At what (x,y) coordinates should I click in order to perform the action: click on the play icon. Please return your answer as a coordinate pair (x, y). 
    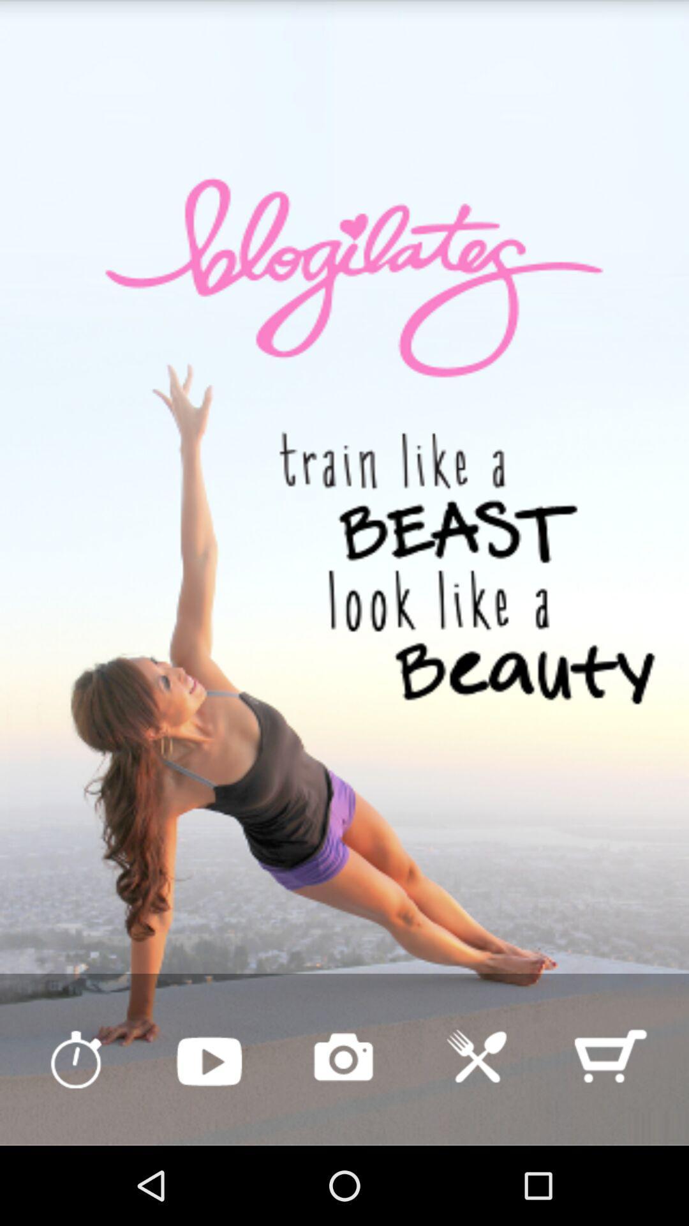
    Looking at the image, I should click on (209, 1134).